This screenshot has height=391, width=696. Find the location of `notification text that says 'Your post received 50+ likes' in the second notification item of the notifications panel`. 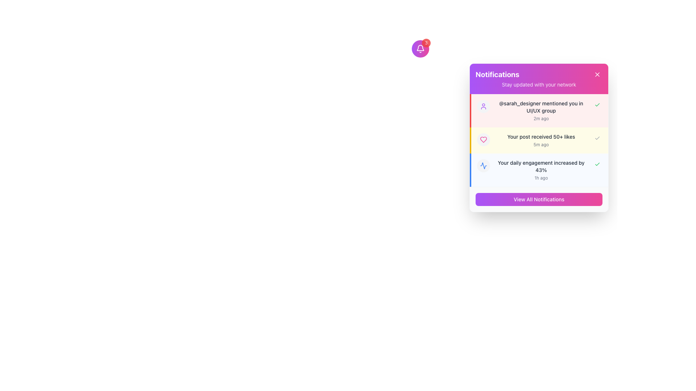

notification text that says 'Your post received 50+ likes' in the second notification item of the notifications panel is located at coordinates (539, 140).